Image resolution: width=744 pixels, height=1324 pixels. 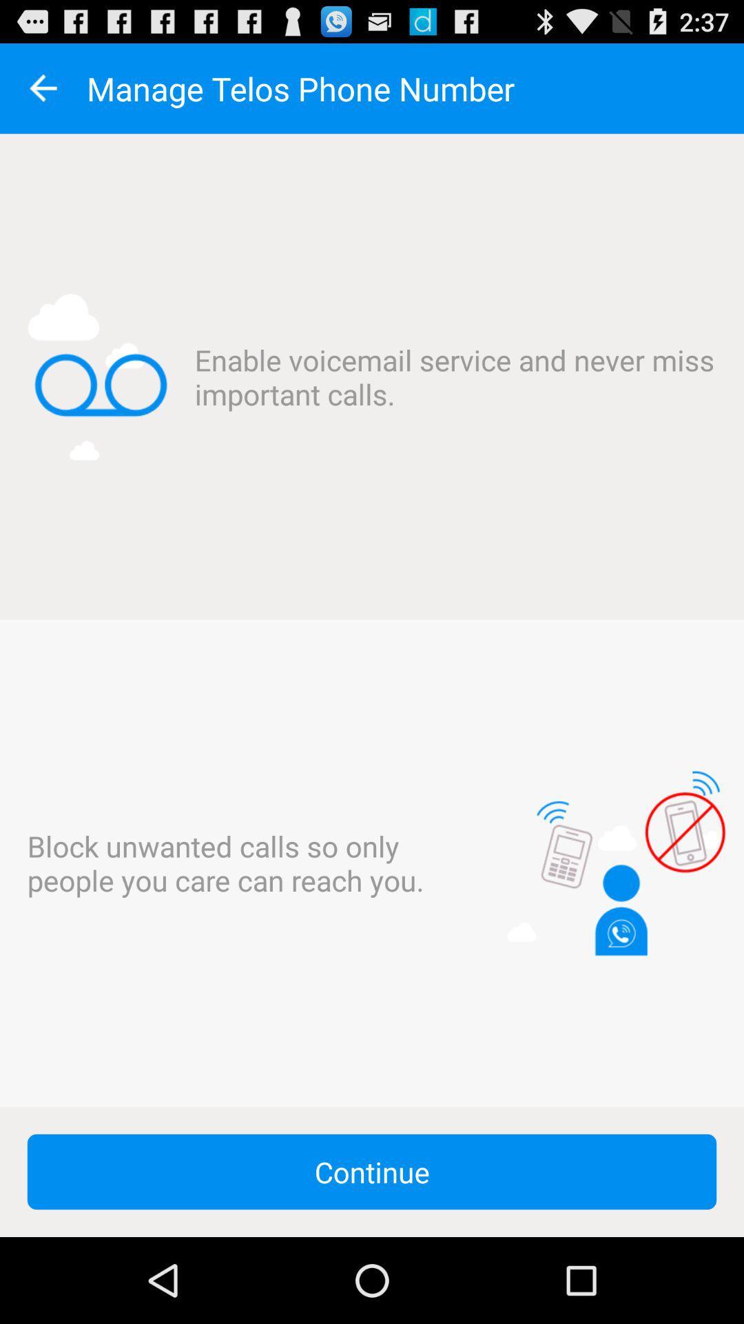 What do you see at coordinates (372, 1171) in the screenshot?
I see `the continue` at bounding box center [372, 1171].